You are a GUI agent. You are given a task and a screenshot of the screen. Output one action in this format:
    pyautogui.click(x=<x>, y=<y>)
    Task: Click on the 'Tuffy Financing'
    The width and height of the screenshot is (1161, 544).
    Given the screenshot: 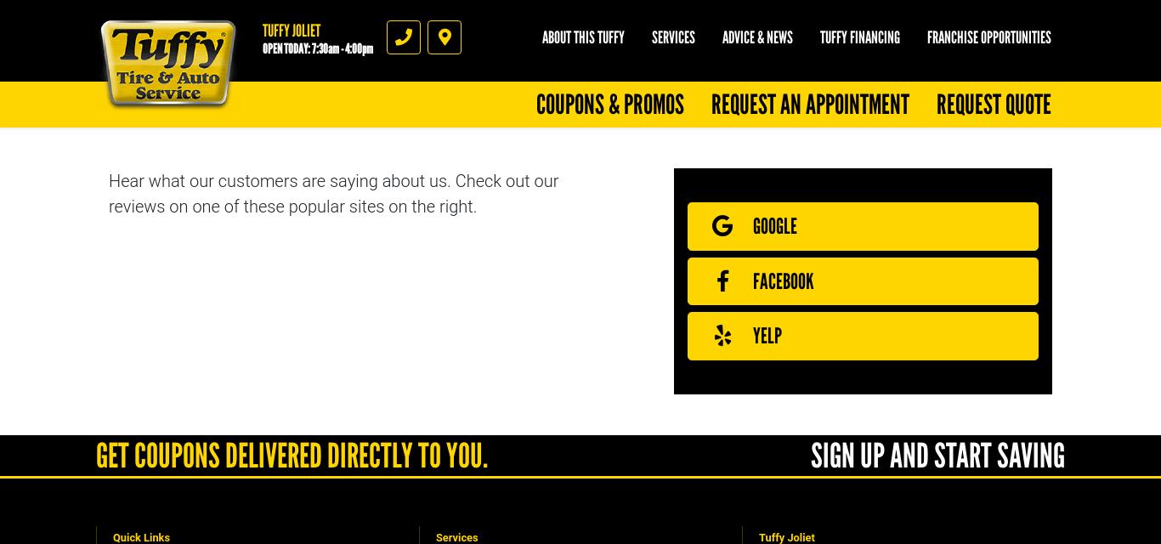 What is the action you would take?
    pyautogui.click(x=859, y=37)
    